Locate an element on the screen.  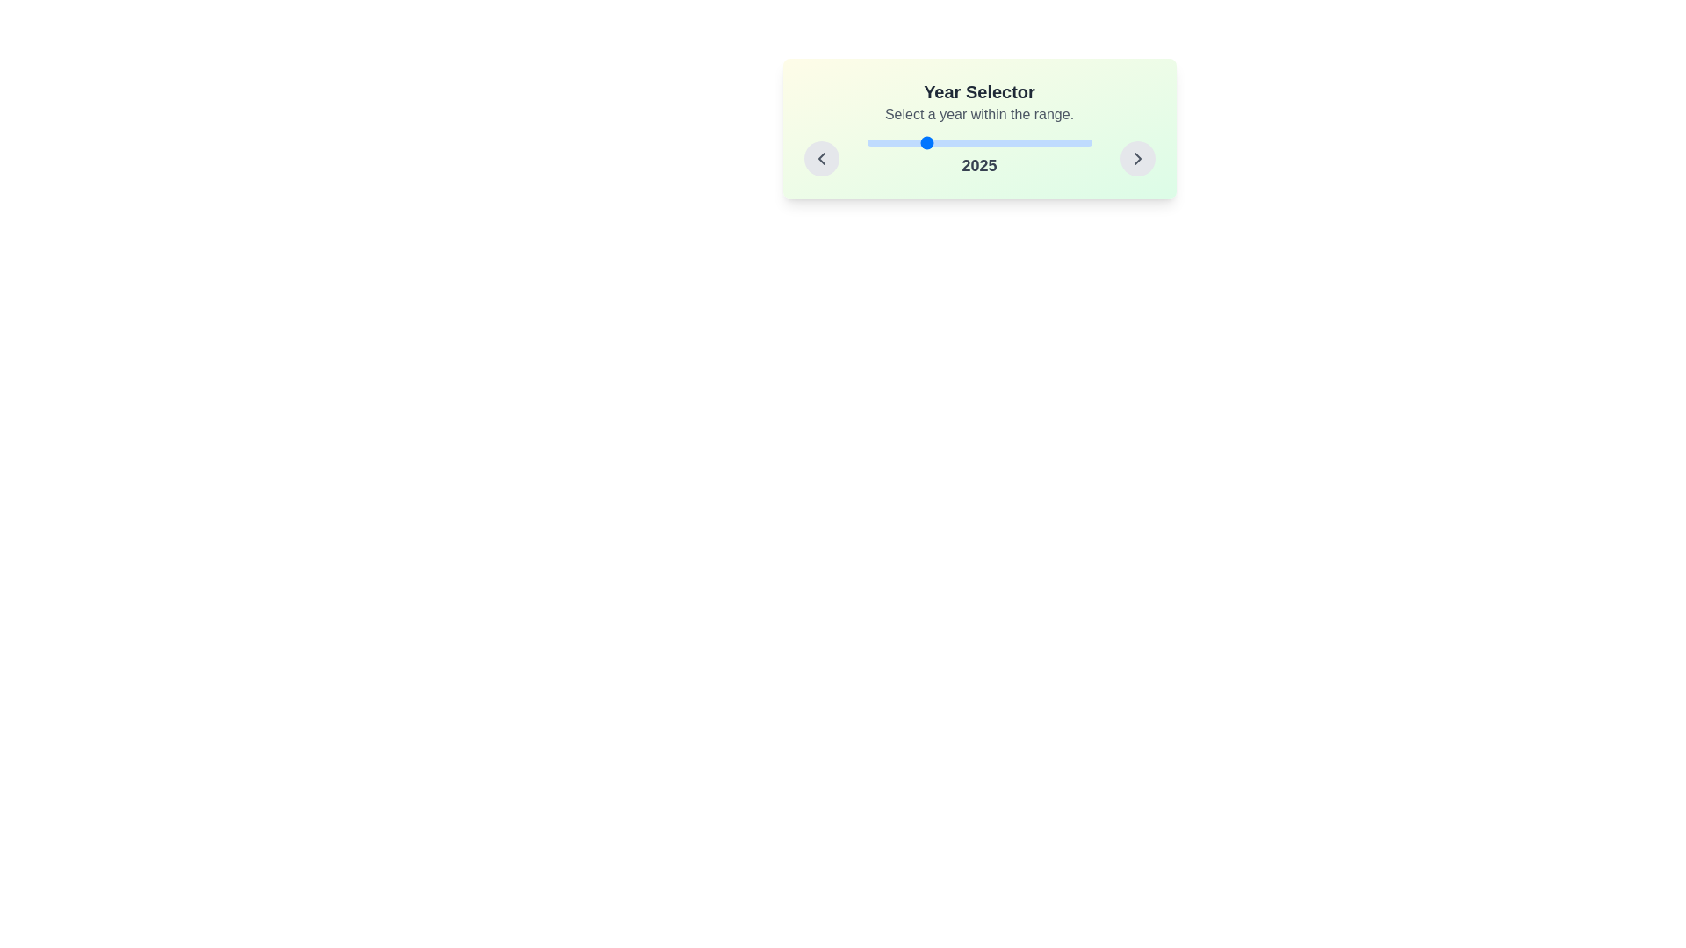
the year display text to interact with it is located at coordinates (978, 159).